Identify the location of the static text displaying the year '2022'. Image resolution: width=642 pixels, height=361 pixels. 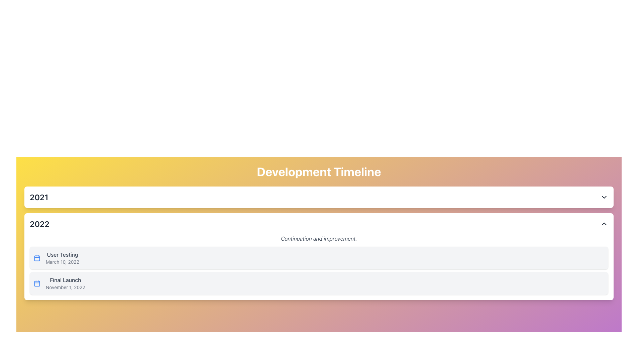
(39, 224).